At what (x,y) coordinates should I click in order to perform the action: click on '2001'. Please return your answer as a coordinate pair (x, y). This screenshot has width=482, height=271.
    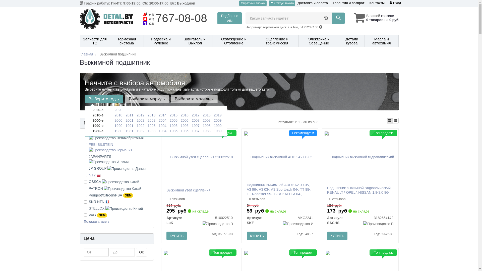
    Looking at the image, I should click on (129, 120).